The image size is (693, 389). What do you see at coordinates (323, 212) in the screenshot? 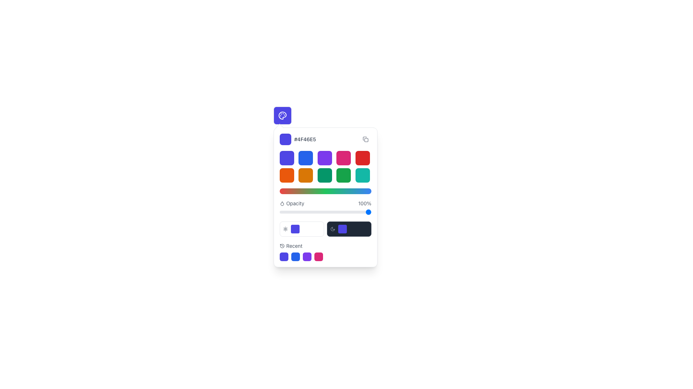
I see `the opacity slider` at bounding box center [323, 212].